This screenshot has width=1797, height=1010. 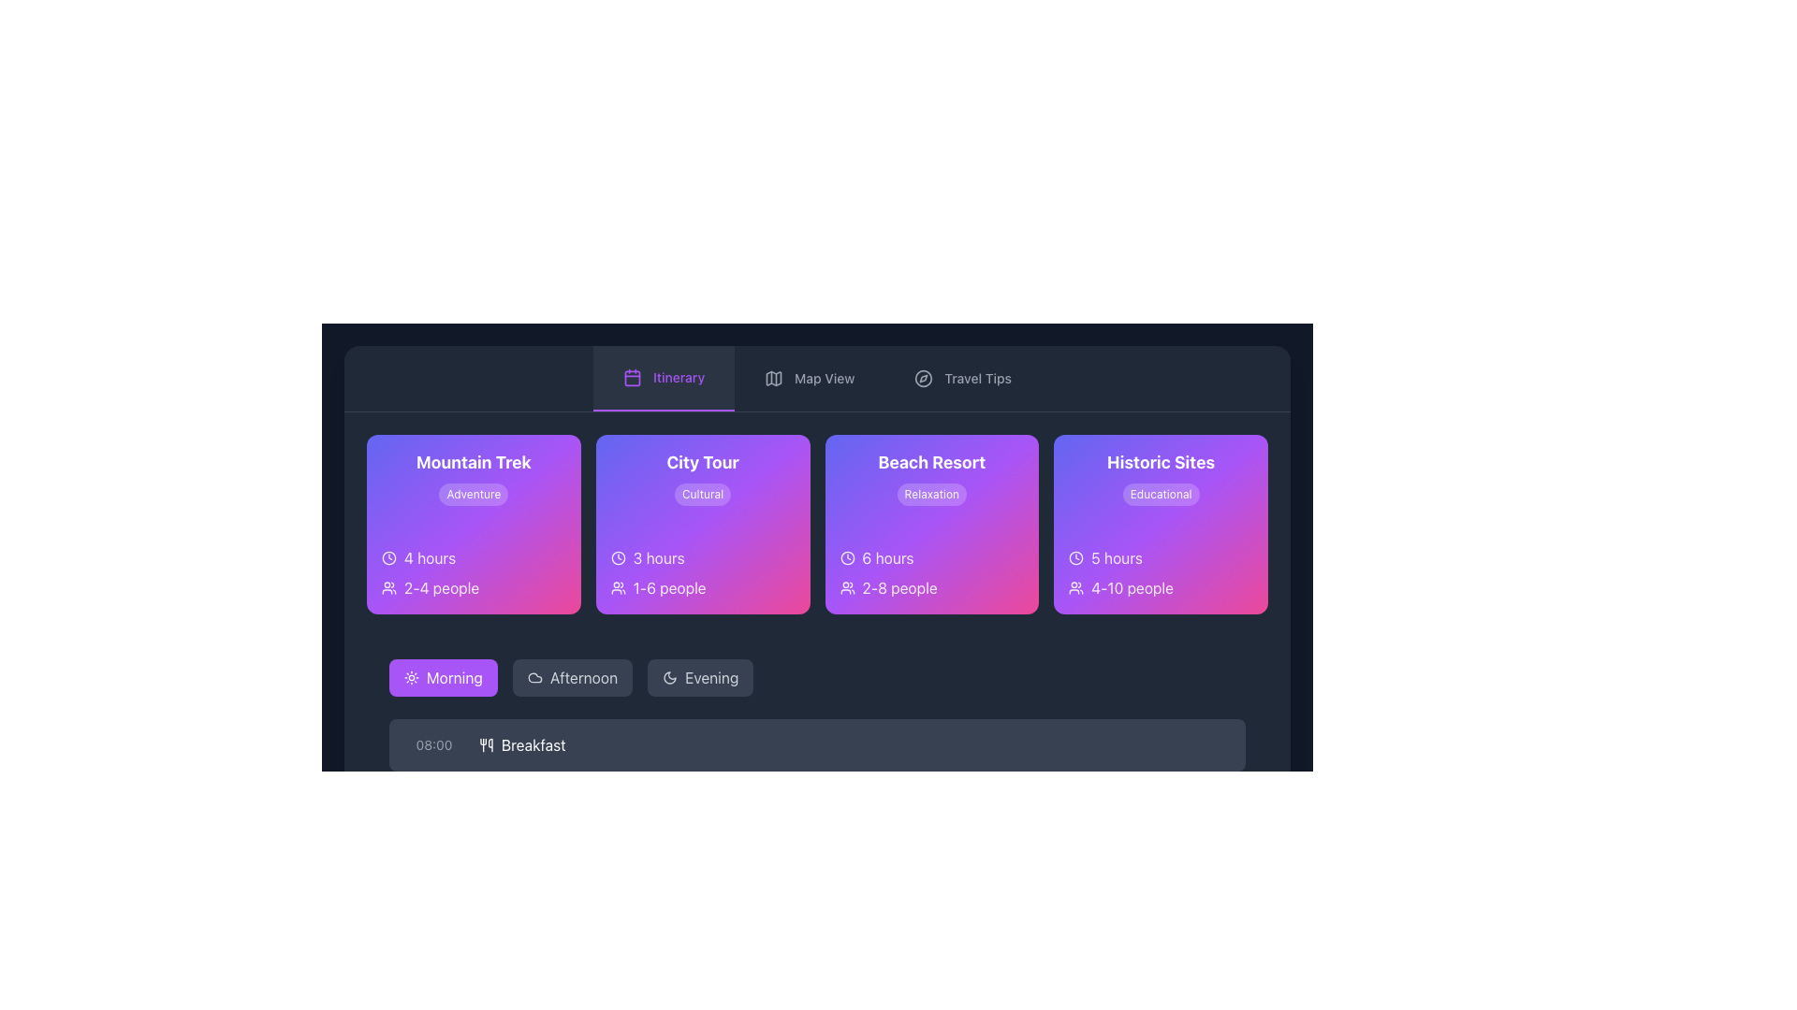 What do you see at coordinates (846, 586) in the screenshot?
I see `the icon indicating the number of people suggested for the activity on the 'Beach Resort' card located in the bottom left next to the text '2-8 people'` at bounding box center [846, 586].